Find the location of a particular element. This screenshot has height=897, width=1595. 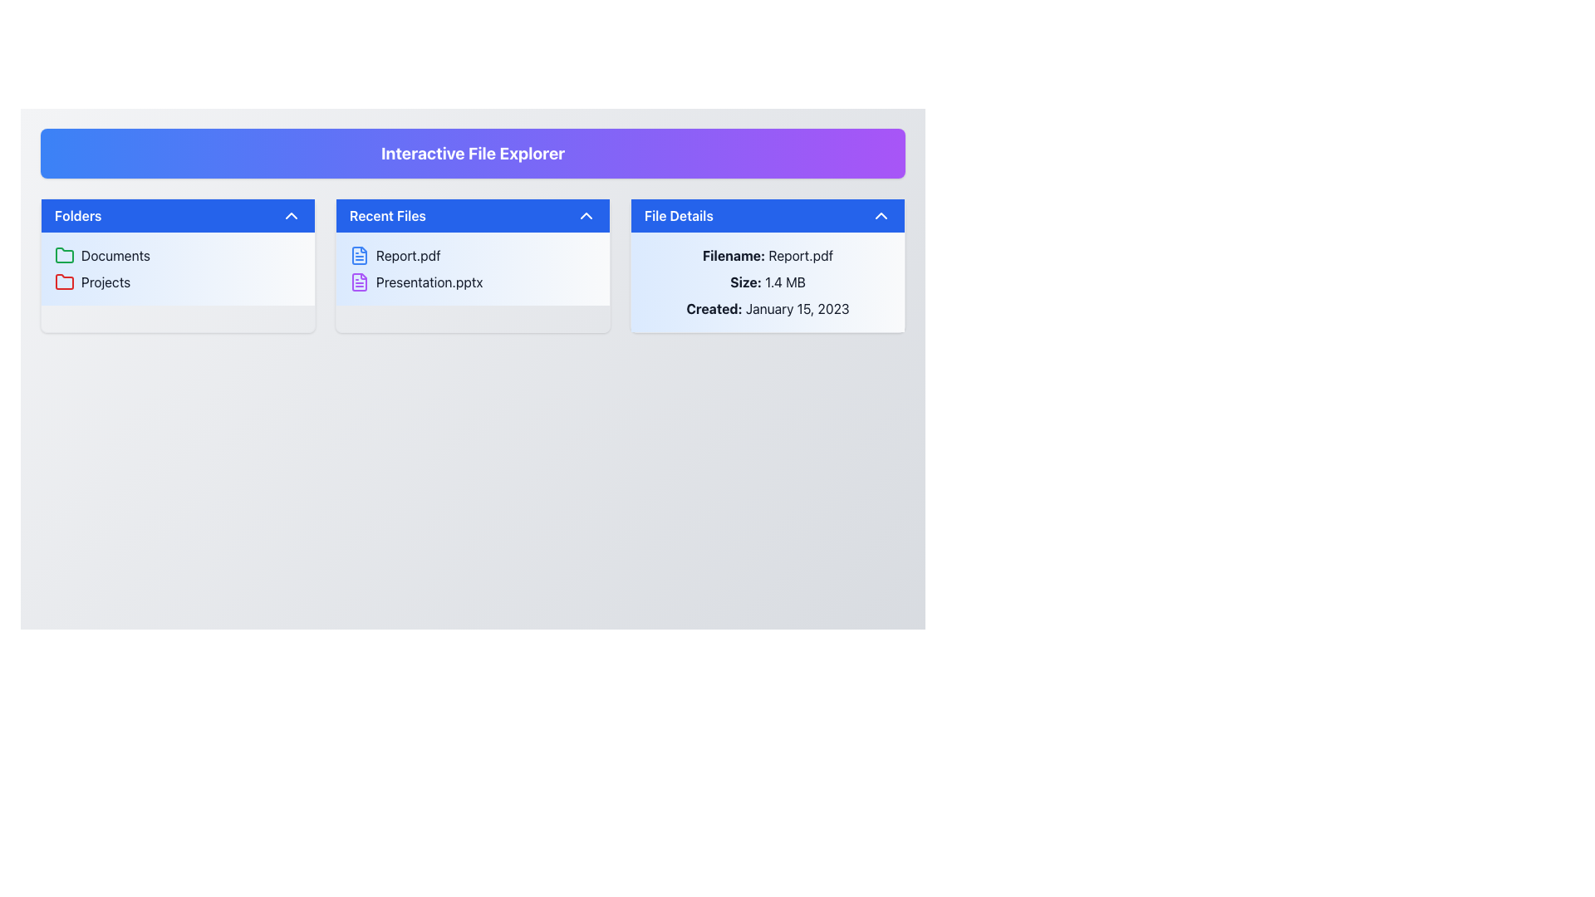

the 'Projects' label located under the 'Folders' section, which is the second item is located at coordinates (105, 281).